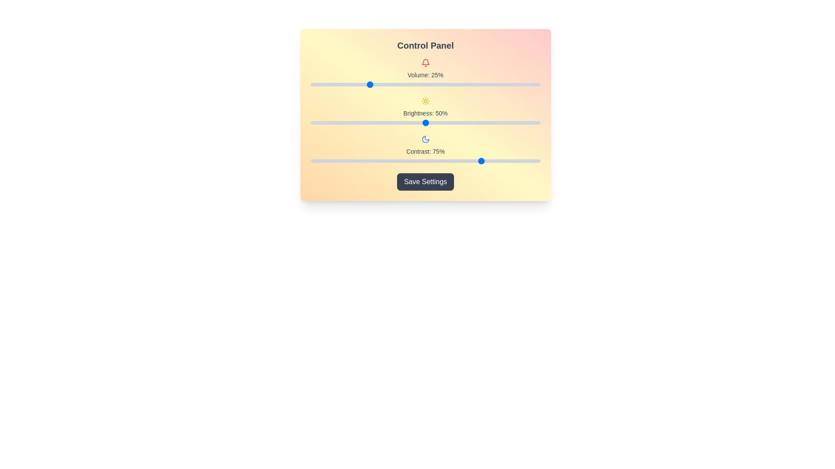  What do you see at coordinates (515, 122) in the screenshot?
I see `brightness` at bounding box center [515, 122].